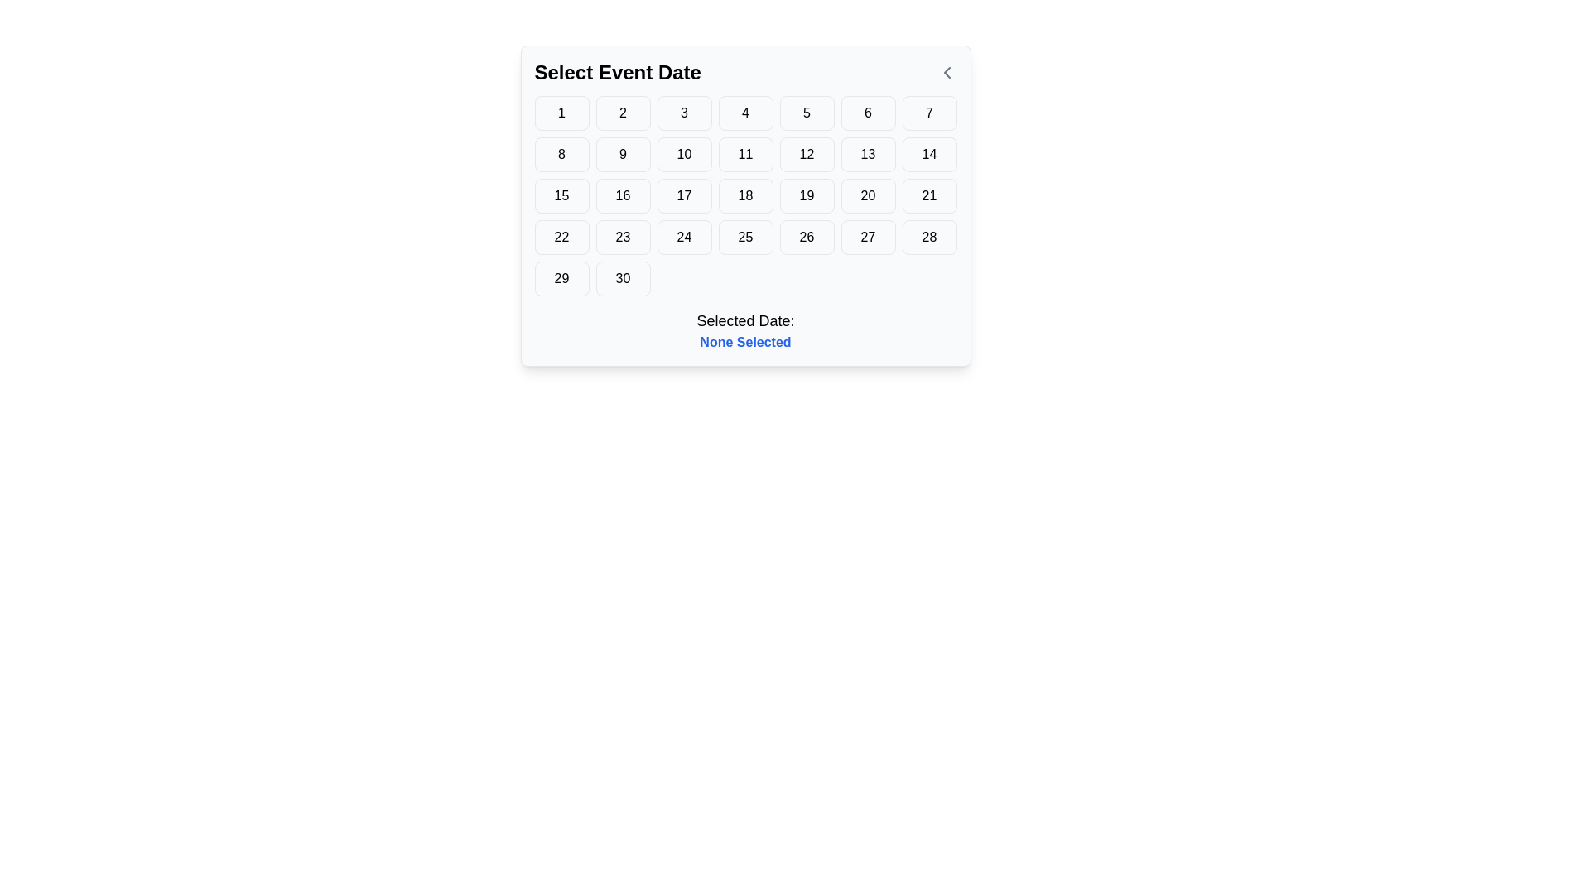 The height and width of the screenshot is (894, 1590). What do you see at coordinates (947, 72) in the screenshot?
I see `the chevron-left arrow icon located near the top-right section of the calendar header` at bounding box center [947, 72].